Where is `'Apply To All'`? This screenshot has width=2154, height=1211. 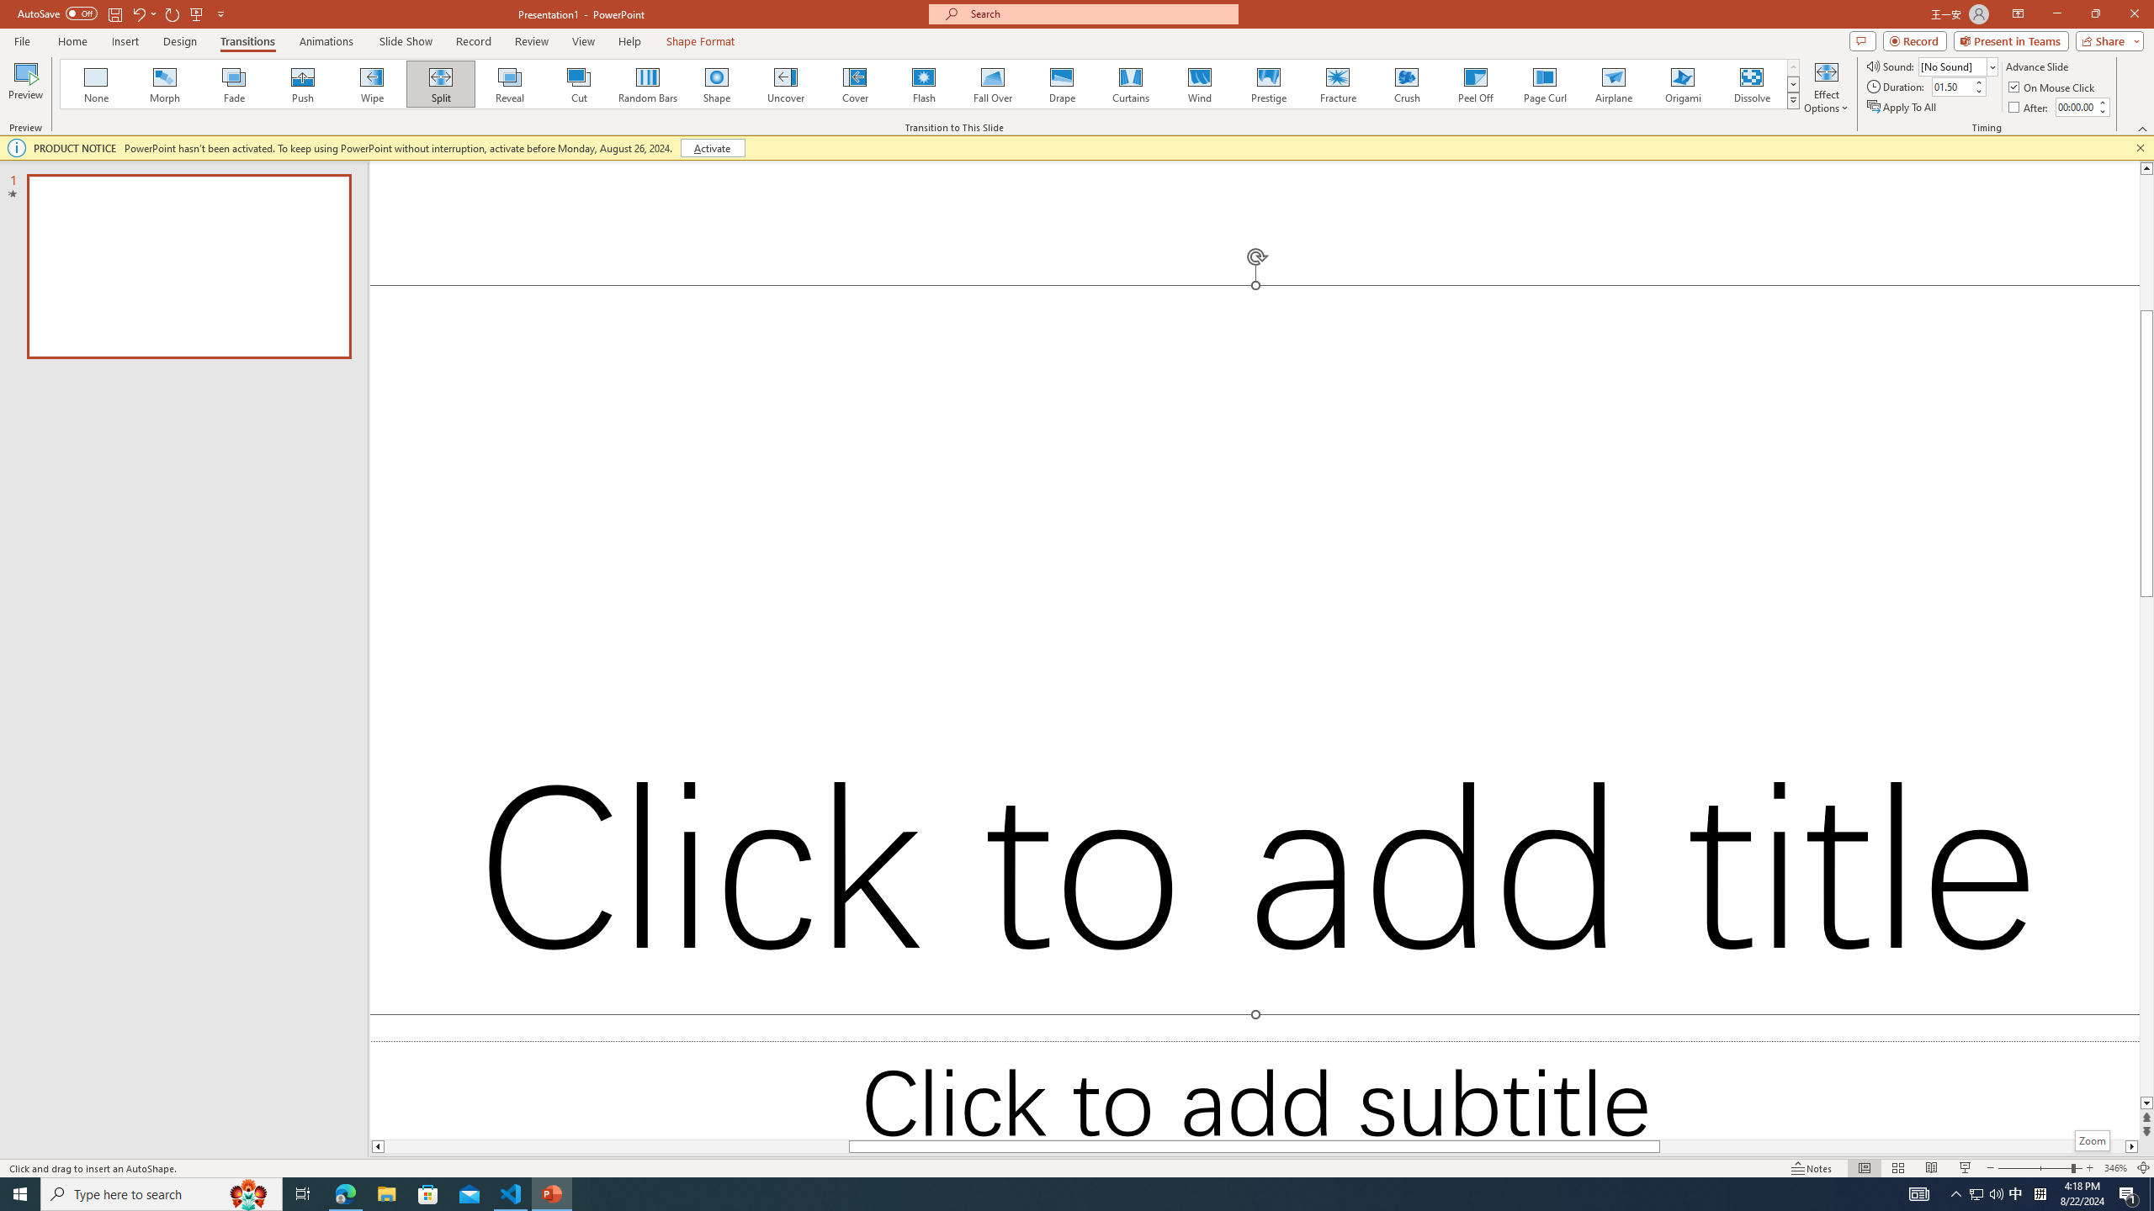
'Apply To All' is located at coordinates (1903, 107).